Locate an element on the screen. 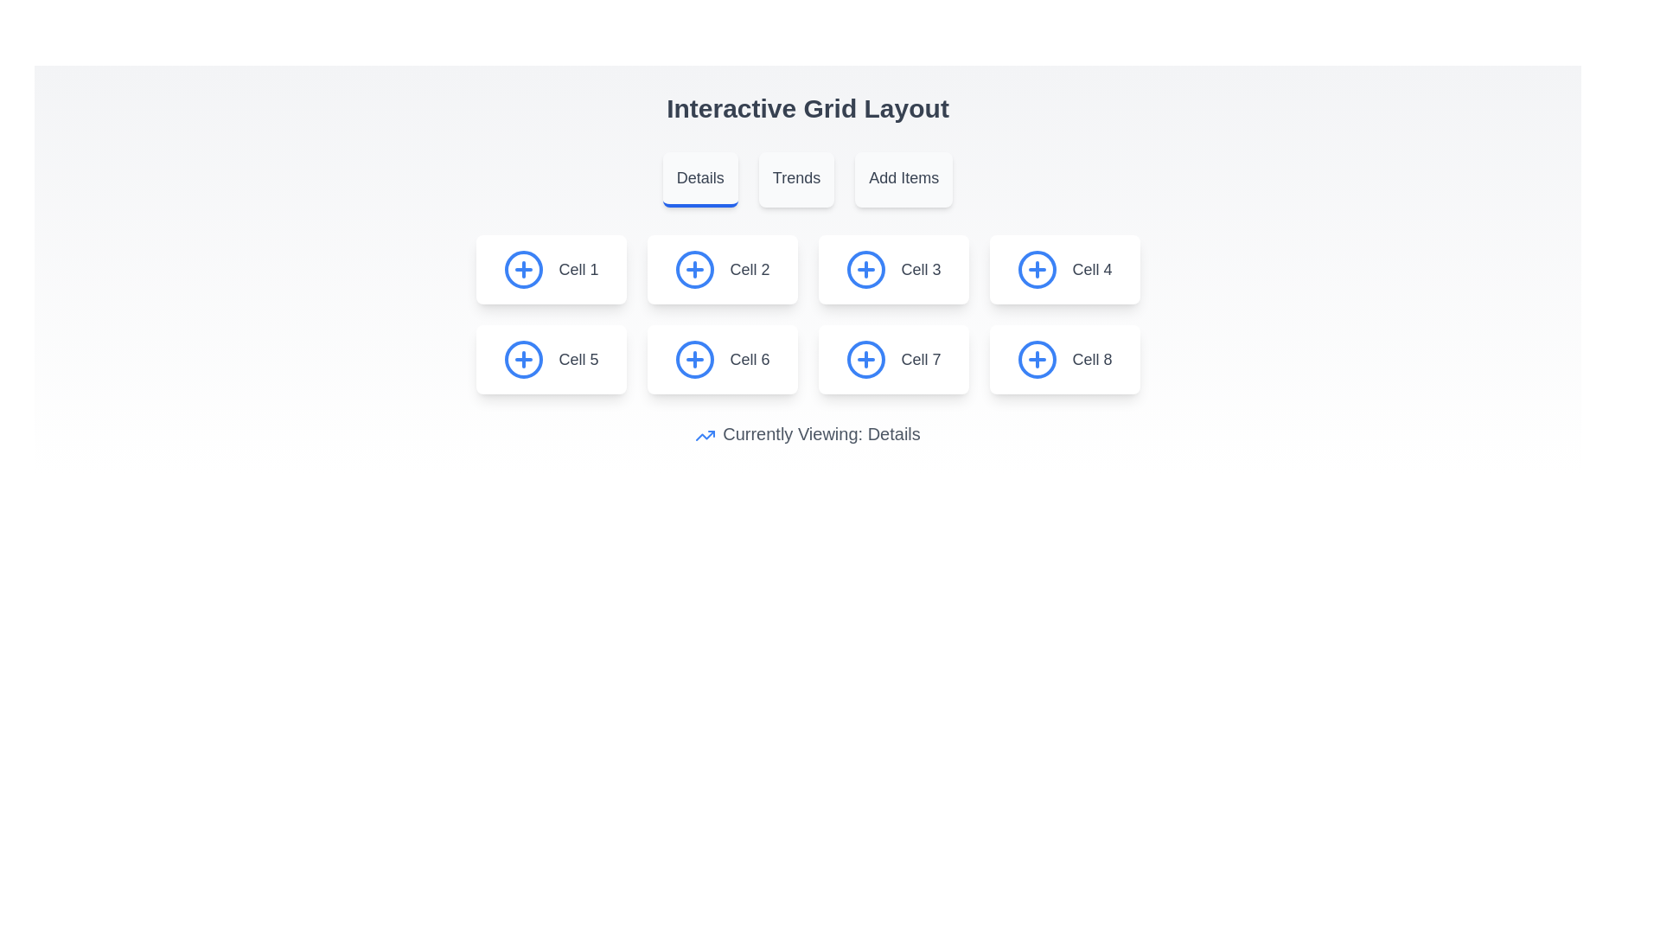  the Circle icon with embedded plus sign located in the top-left cell of the grid, which is above the text 'Cell 1' is located at coordinates (523, 270).